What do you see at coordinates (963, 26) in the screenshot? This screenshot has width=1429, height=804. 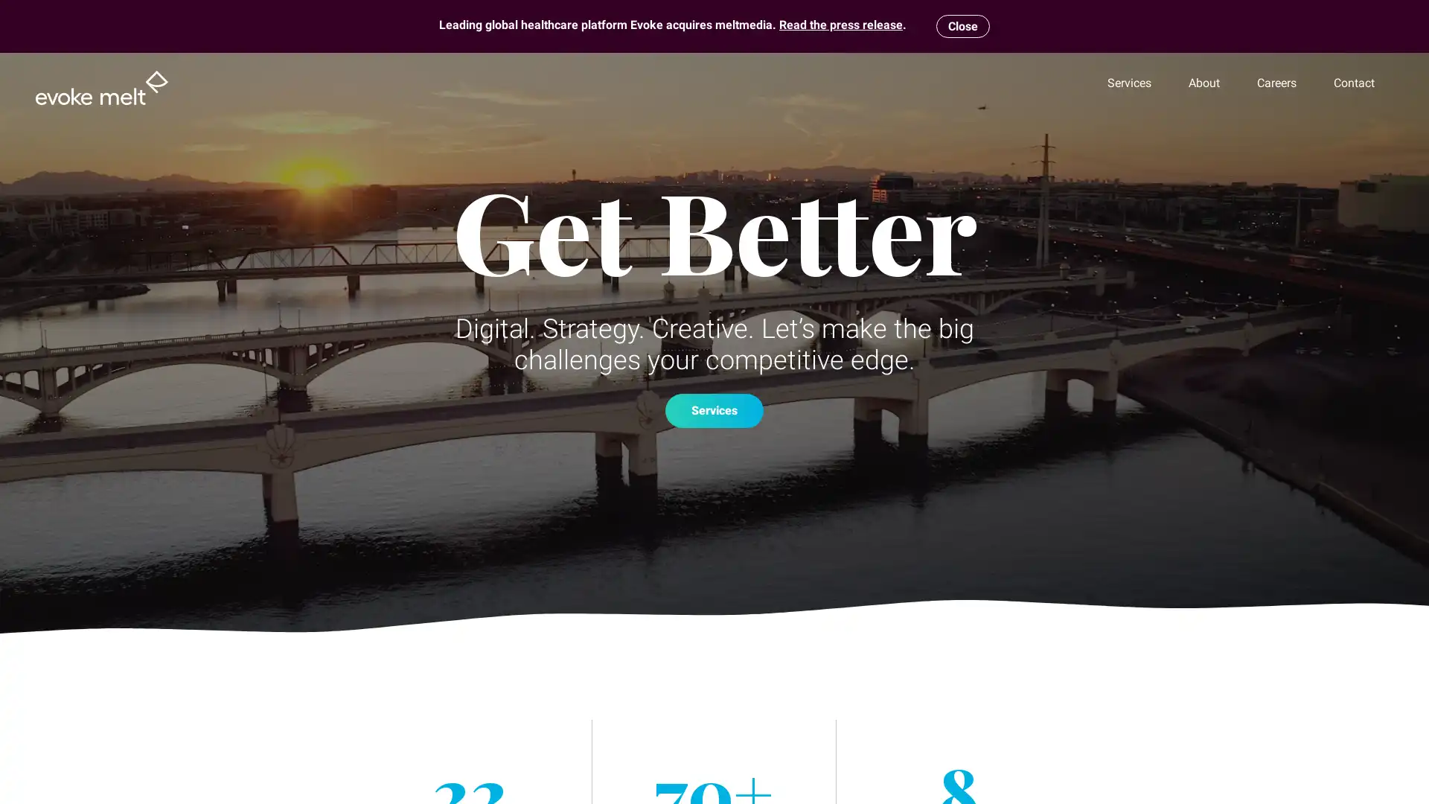 I see `Close` at bounding box center [963, 26].